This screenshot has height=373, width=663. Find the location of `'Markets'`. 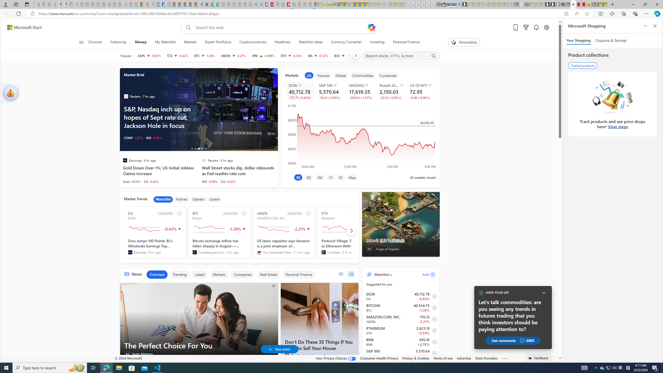

'Markets' is located at coordinates (219, 274).